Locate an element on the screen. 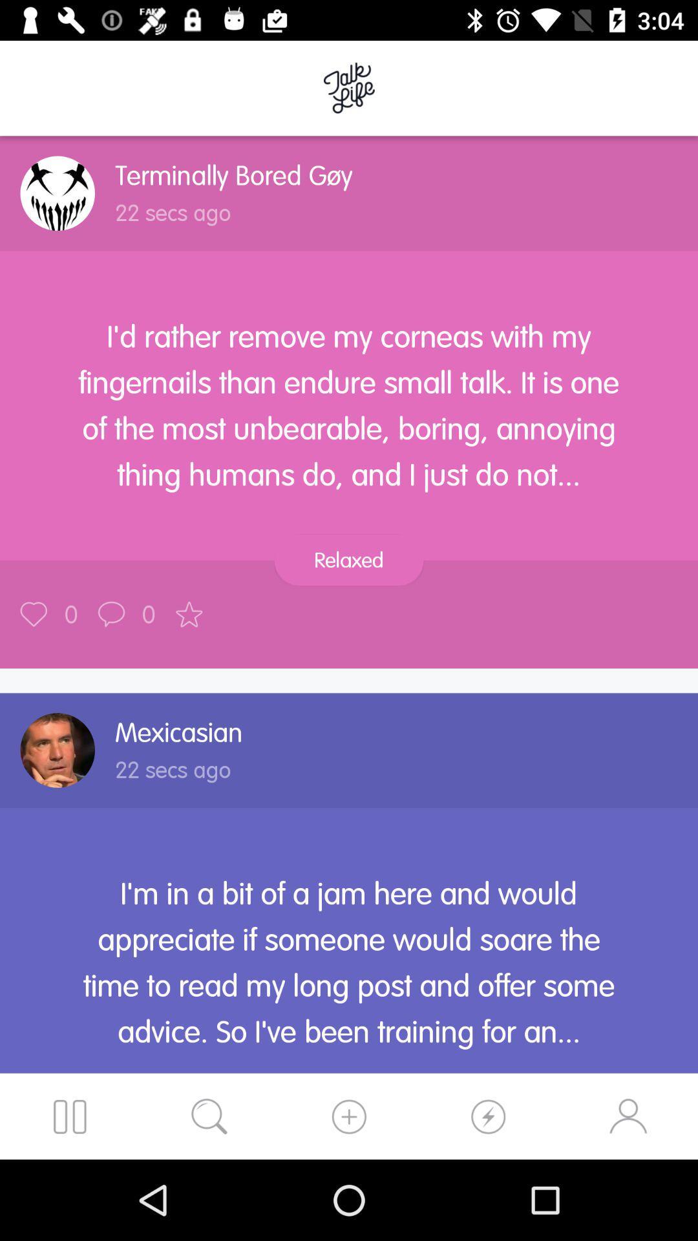 The width and height of the screenshot is (698, 1241). the swap icon is located at coordinates (349, 1116).